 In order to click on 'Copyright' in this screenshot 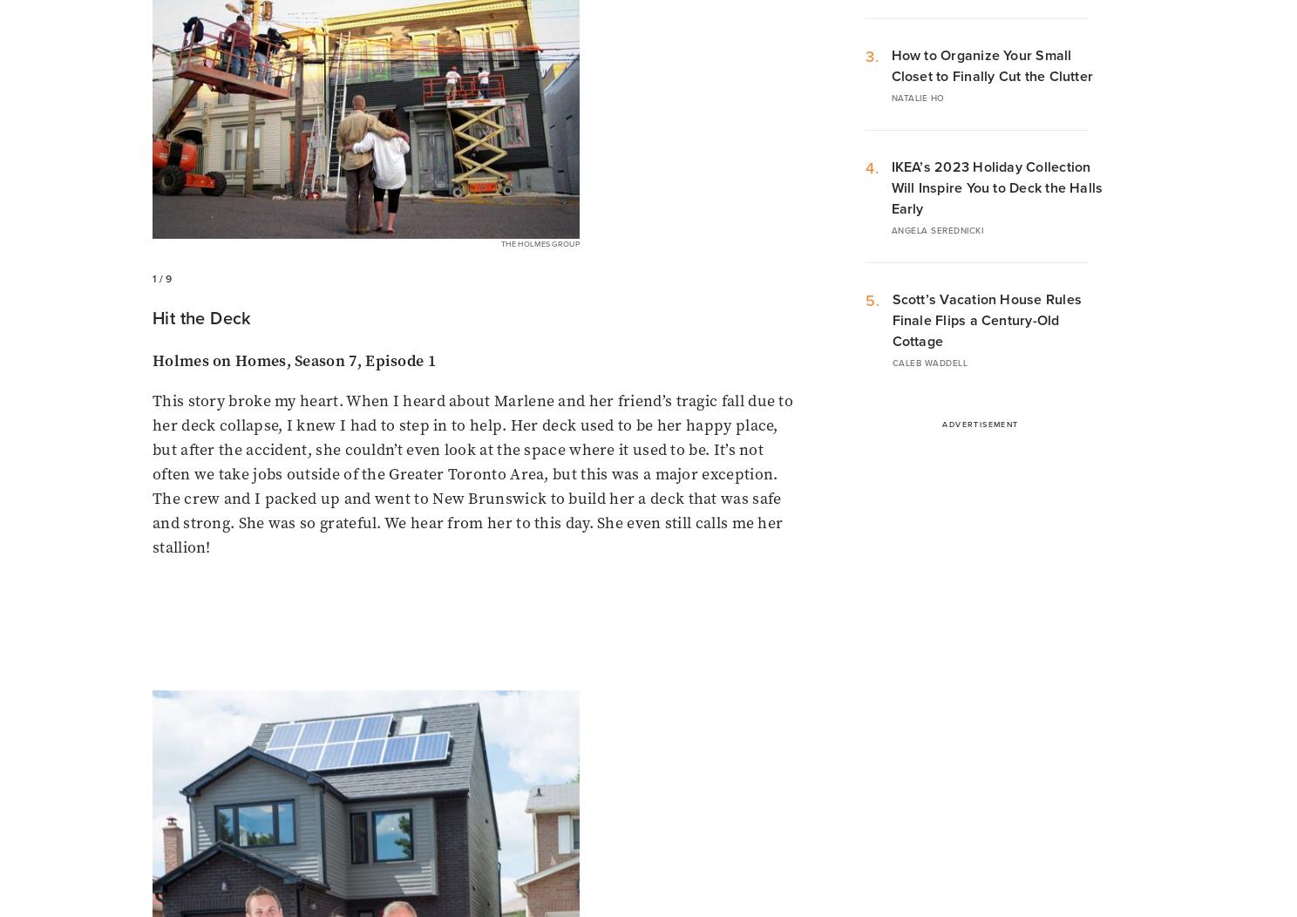, I will do `click(1069, 604)`.